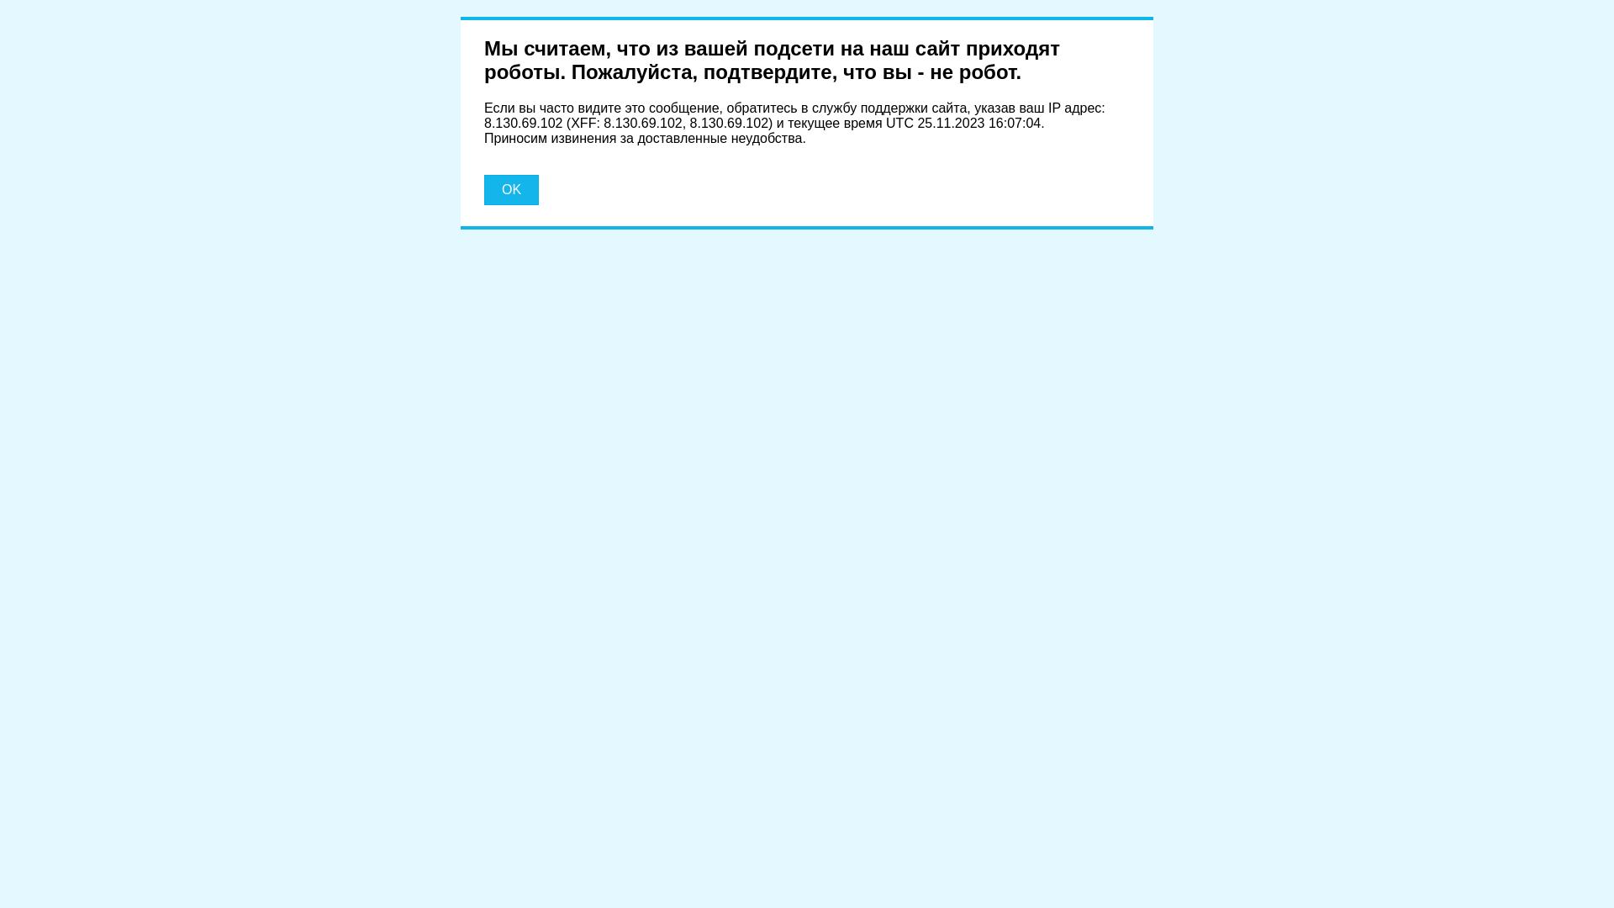 The width and height of the screenshot is (1614, 908). What do you see at coordinates (510, 189) in the screenshot?
I see `'OK'` at bounding box center [510, 189].